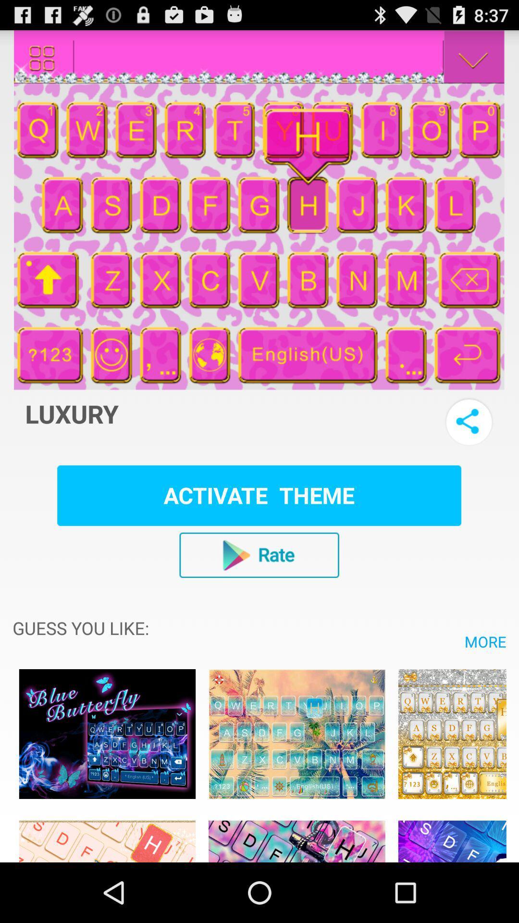  Describe the element at coordinates (469, 450) in the screenshot. I see `the share icon` at that location.